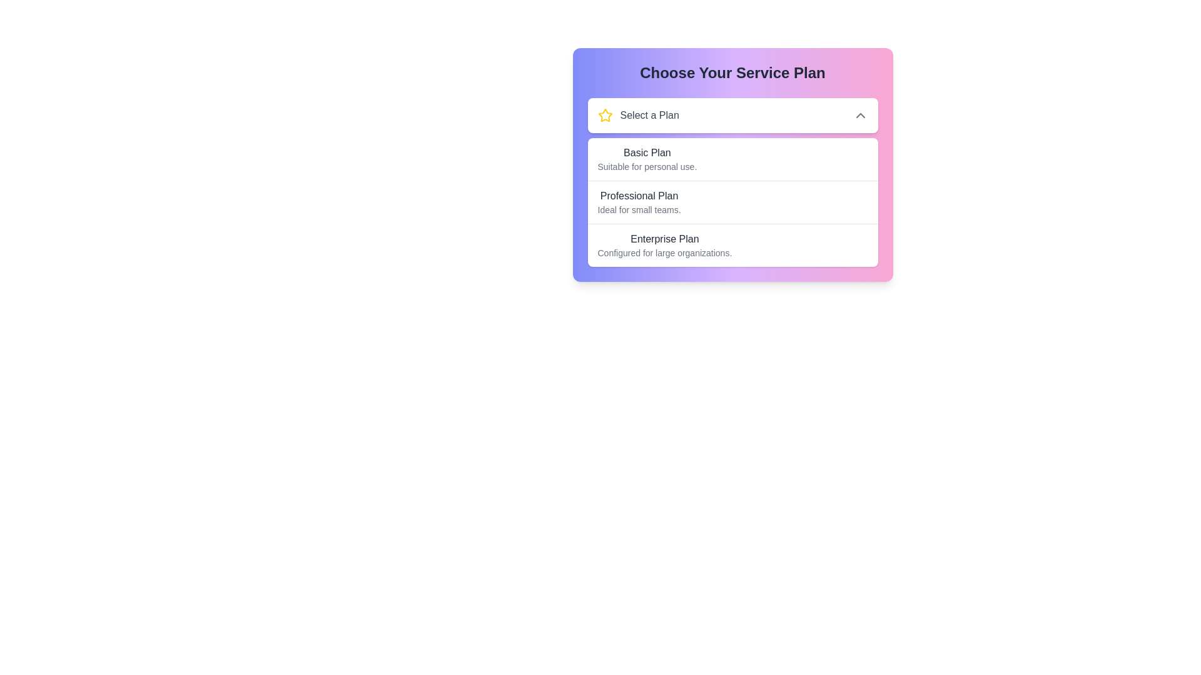 This screenshot has width=1201, height=675. Describe the element at coordinates (605, 115) in the screenshot. I see `the star icon located within the 'Select a Plan' dropdown menu` at that location.